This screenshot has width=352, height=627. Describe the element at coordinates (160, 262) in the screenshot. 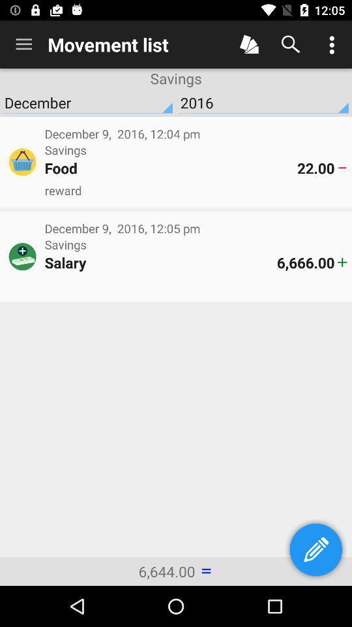

I see `item next to 6,666.00 item` at that location.